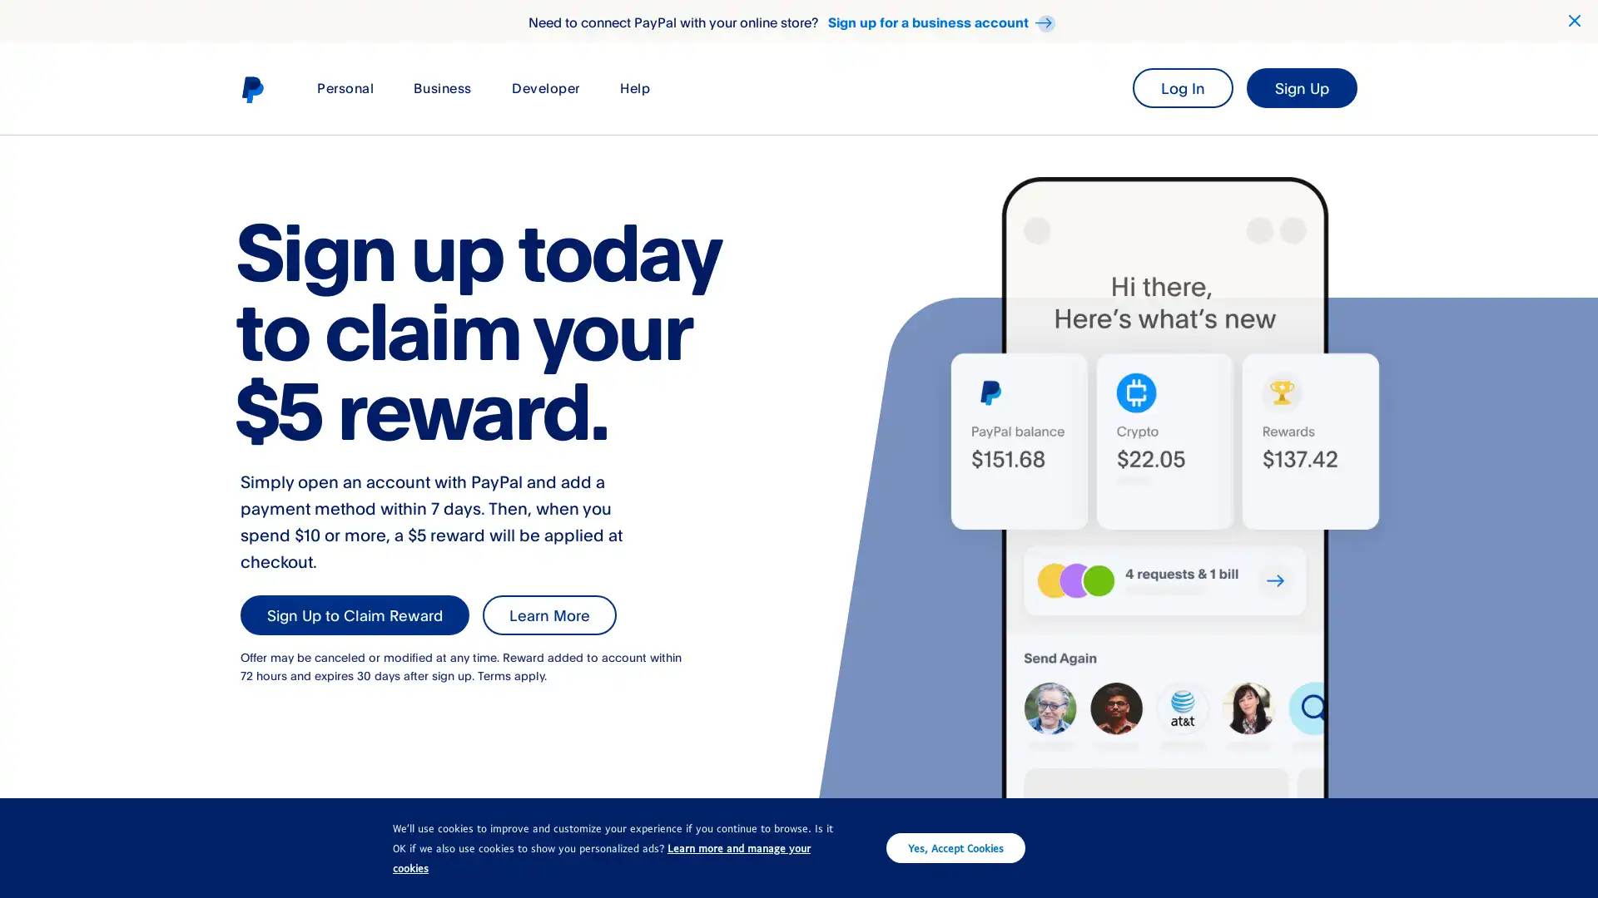 Image resolution: width=1598 pixels, height=898 pixels. What do you see at coordinates (955, 847) in the screenshot?
I see `Yes, Accept Cookies` at bounding box center [955, 847].